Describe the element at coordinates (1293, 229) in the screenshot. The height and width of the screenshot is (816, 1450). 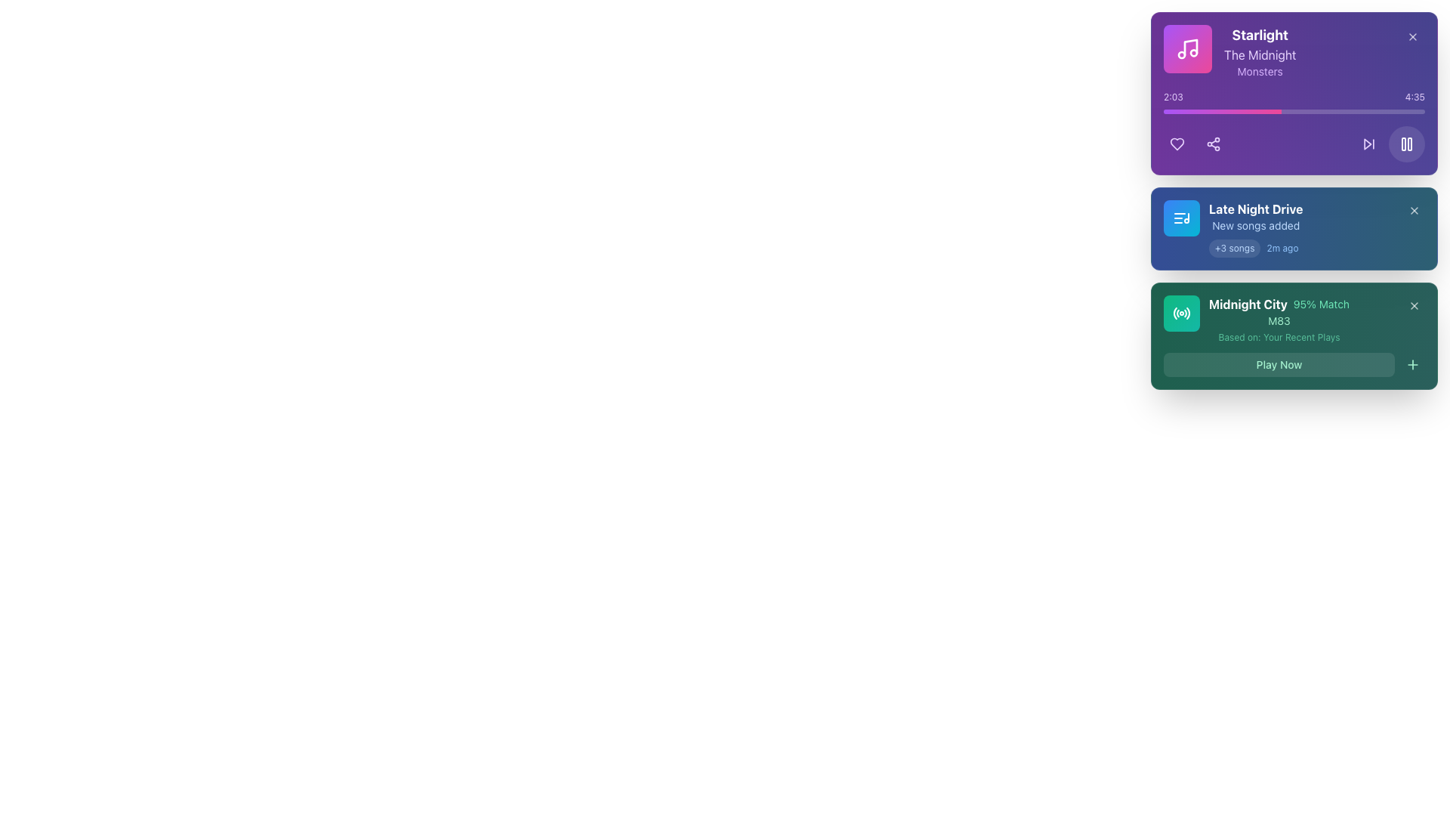
I see `the metadata of the music playlist card located in the middle of a stack of three cards, positioned between the 'Starlight' and 'Midnight City' cards, to view more details` at that location.